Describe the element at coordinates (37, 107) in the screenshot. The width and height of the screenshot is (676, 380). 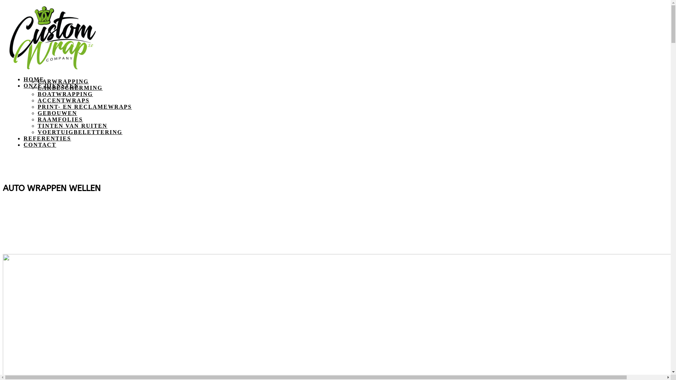
I see `'PRINT- EN RECLAMEWRAPS'` at that location.